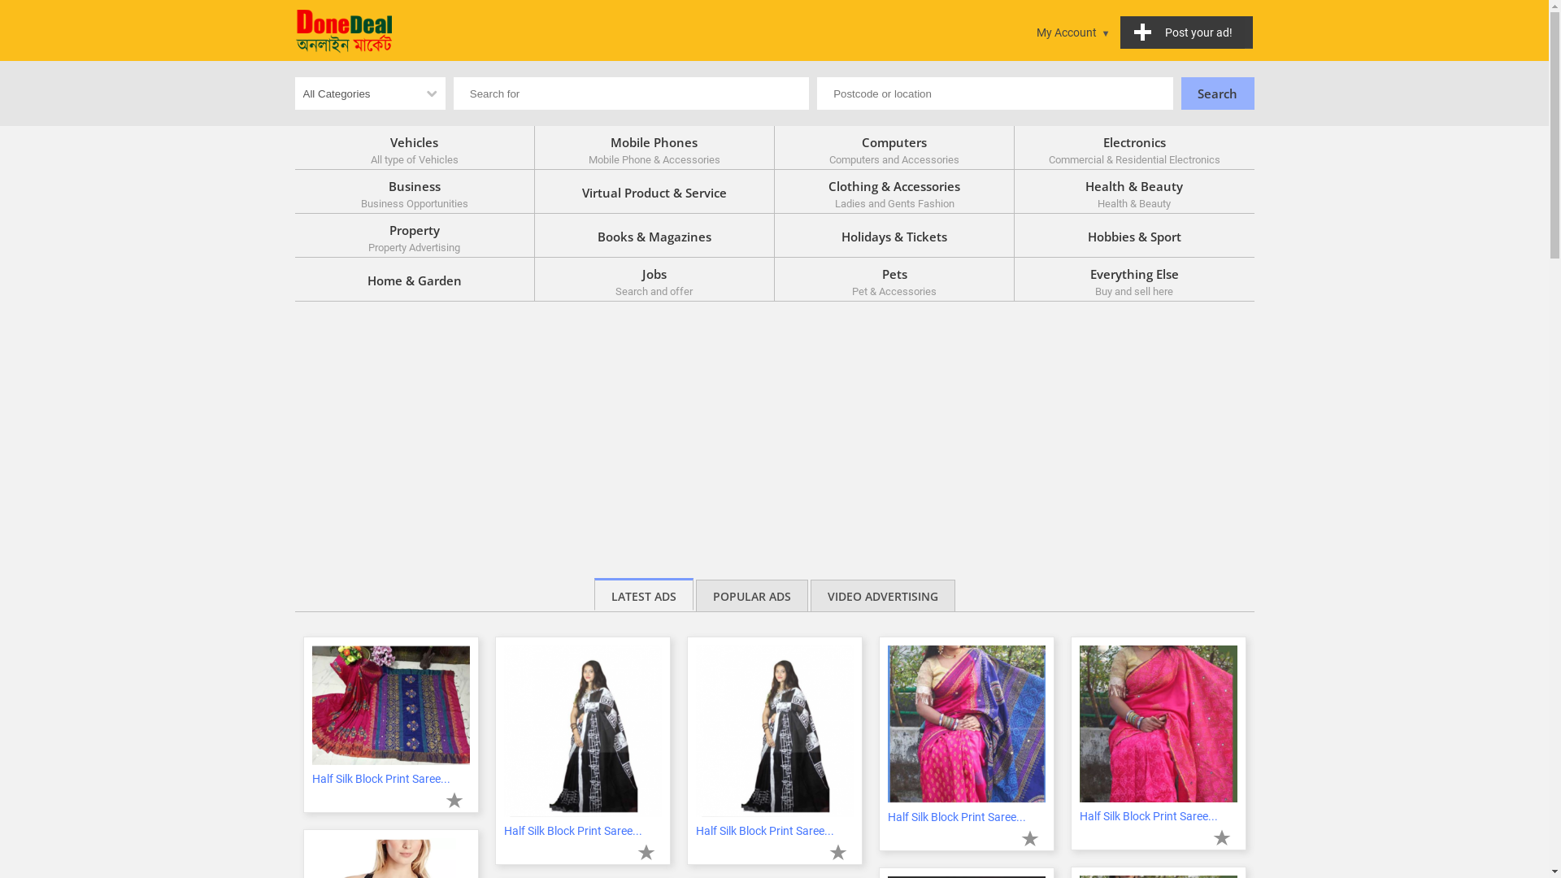 The height and width of the screenshot is (878, 1561). What do you see at coordinates (414, 278) in the screenshot?
I see `'Home & Garden'` at bounding box center [414, 278].